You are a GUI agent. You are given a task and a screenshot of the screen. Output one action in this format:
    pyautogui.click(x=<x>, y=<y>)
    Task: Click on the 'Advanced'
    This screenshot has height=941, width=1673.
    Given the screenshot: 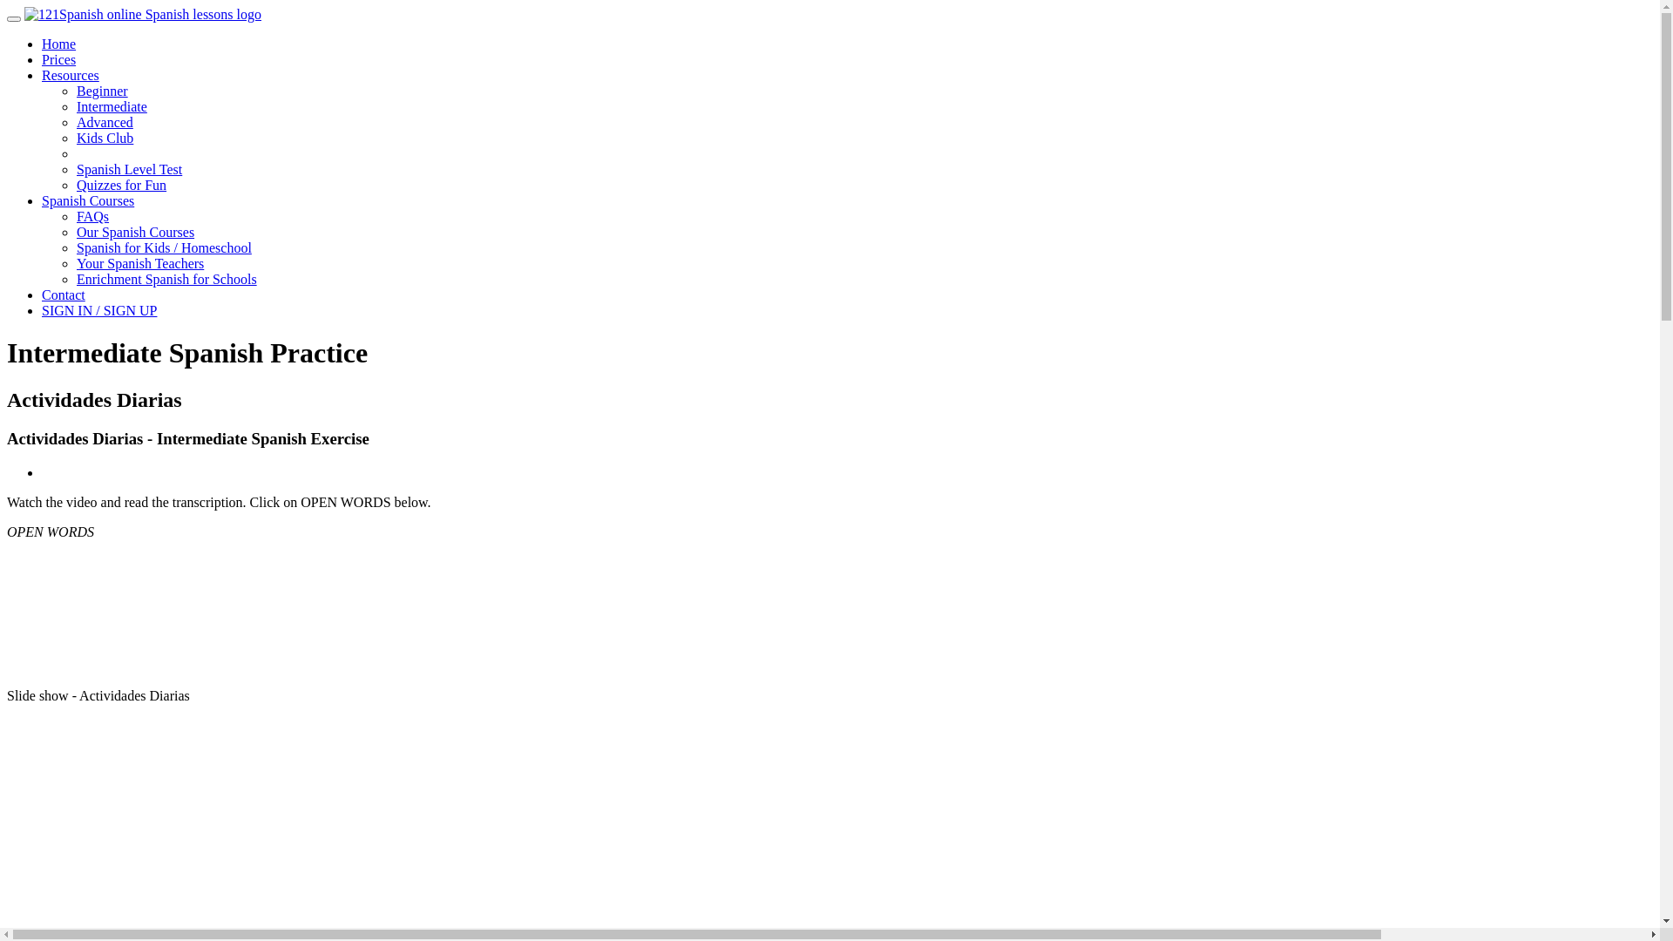 What is the action you would take?
    pyautogui.click(x=104, y=121)
    